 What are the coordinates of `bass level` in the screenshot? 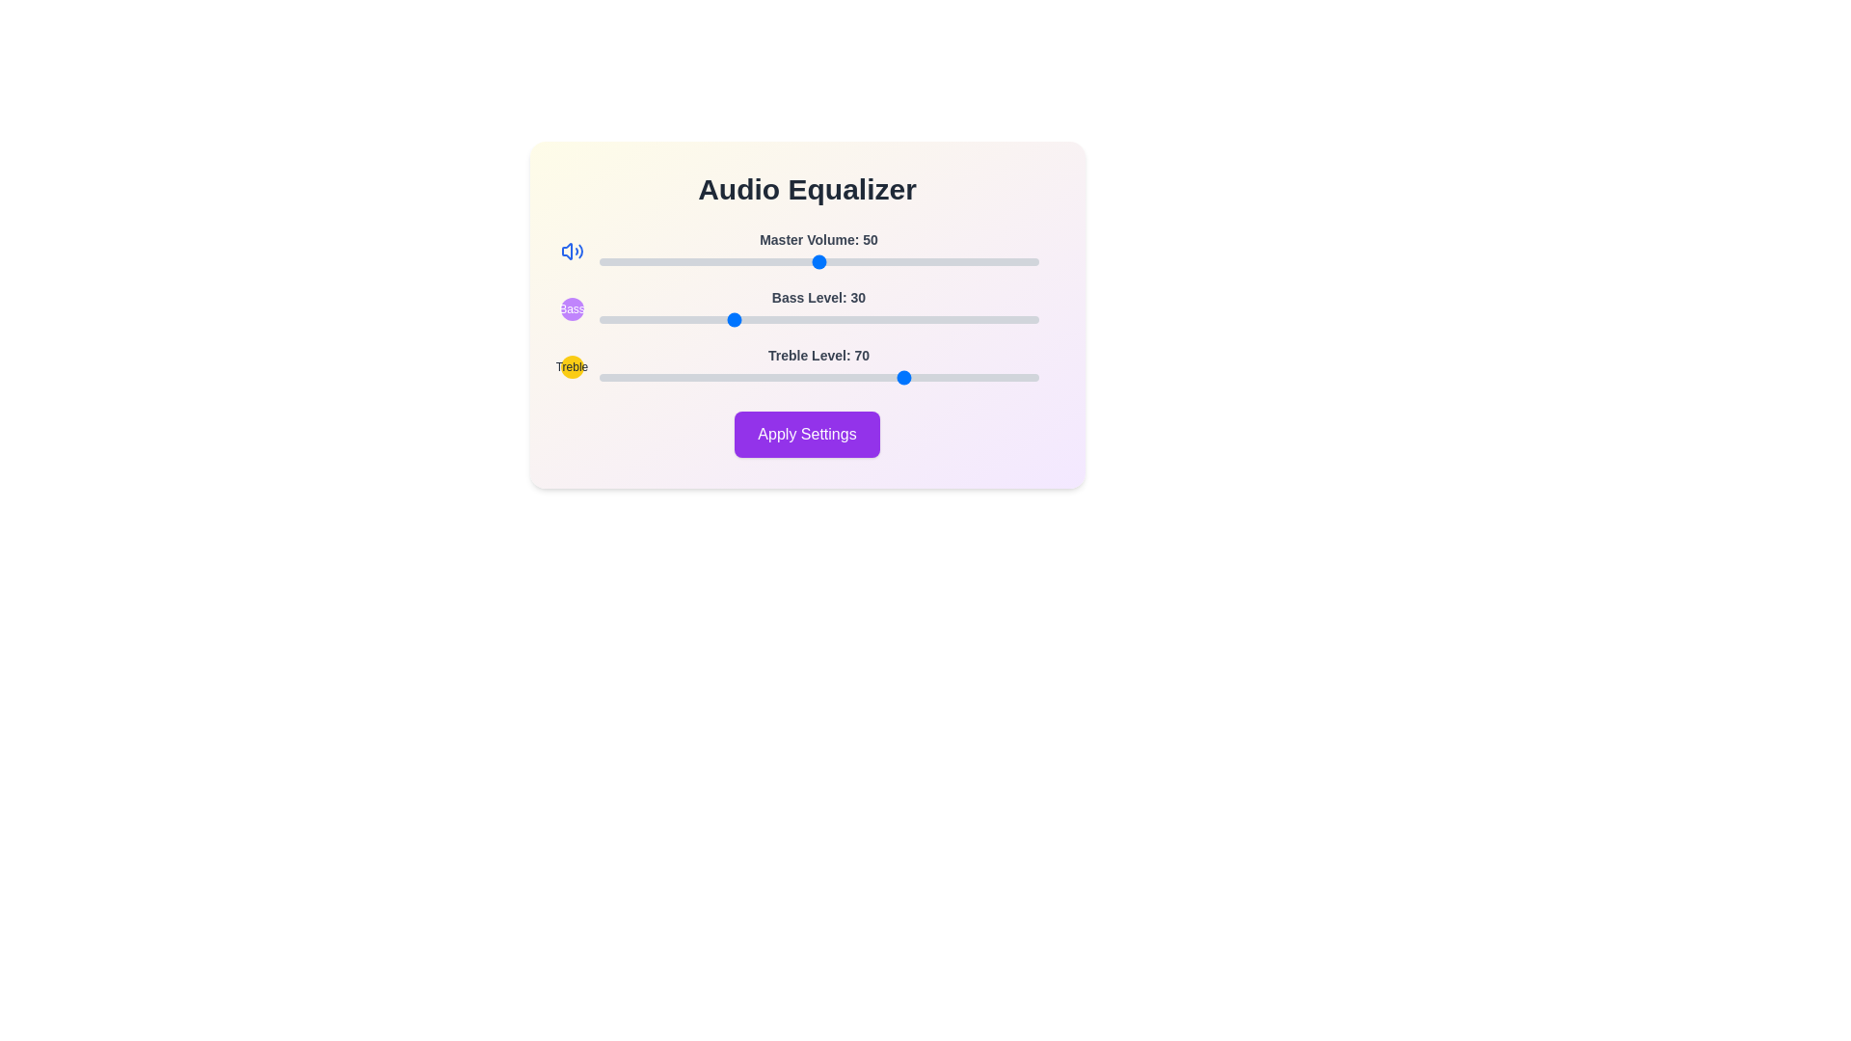 It's located at (633, 318).